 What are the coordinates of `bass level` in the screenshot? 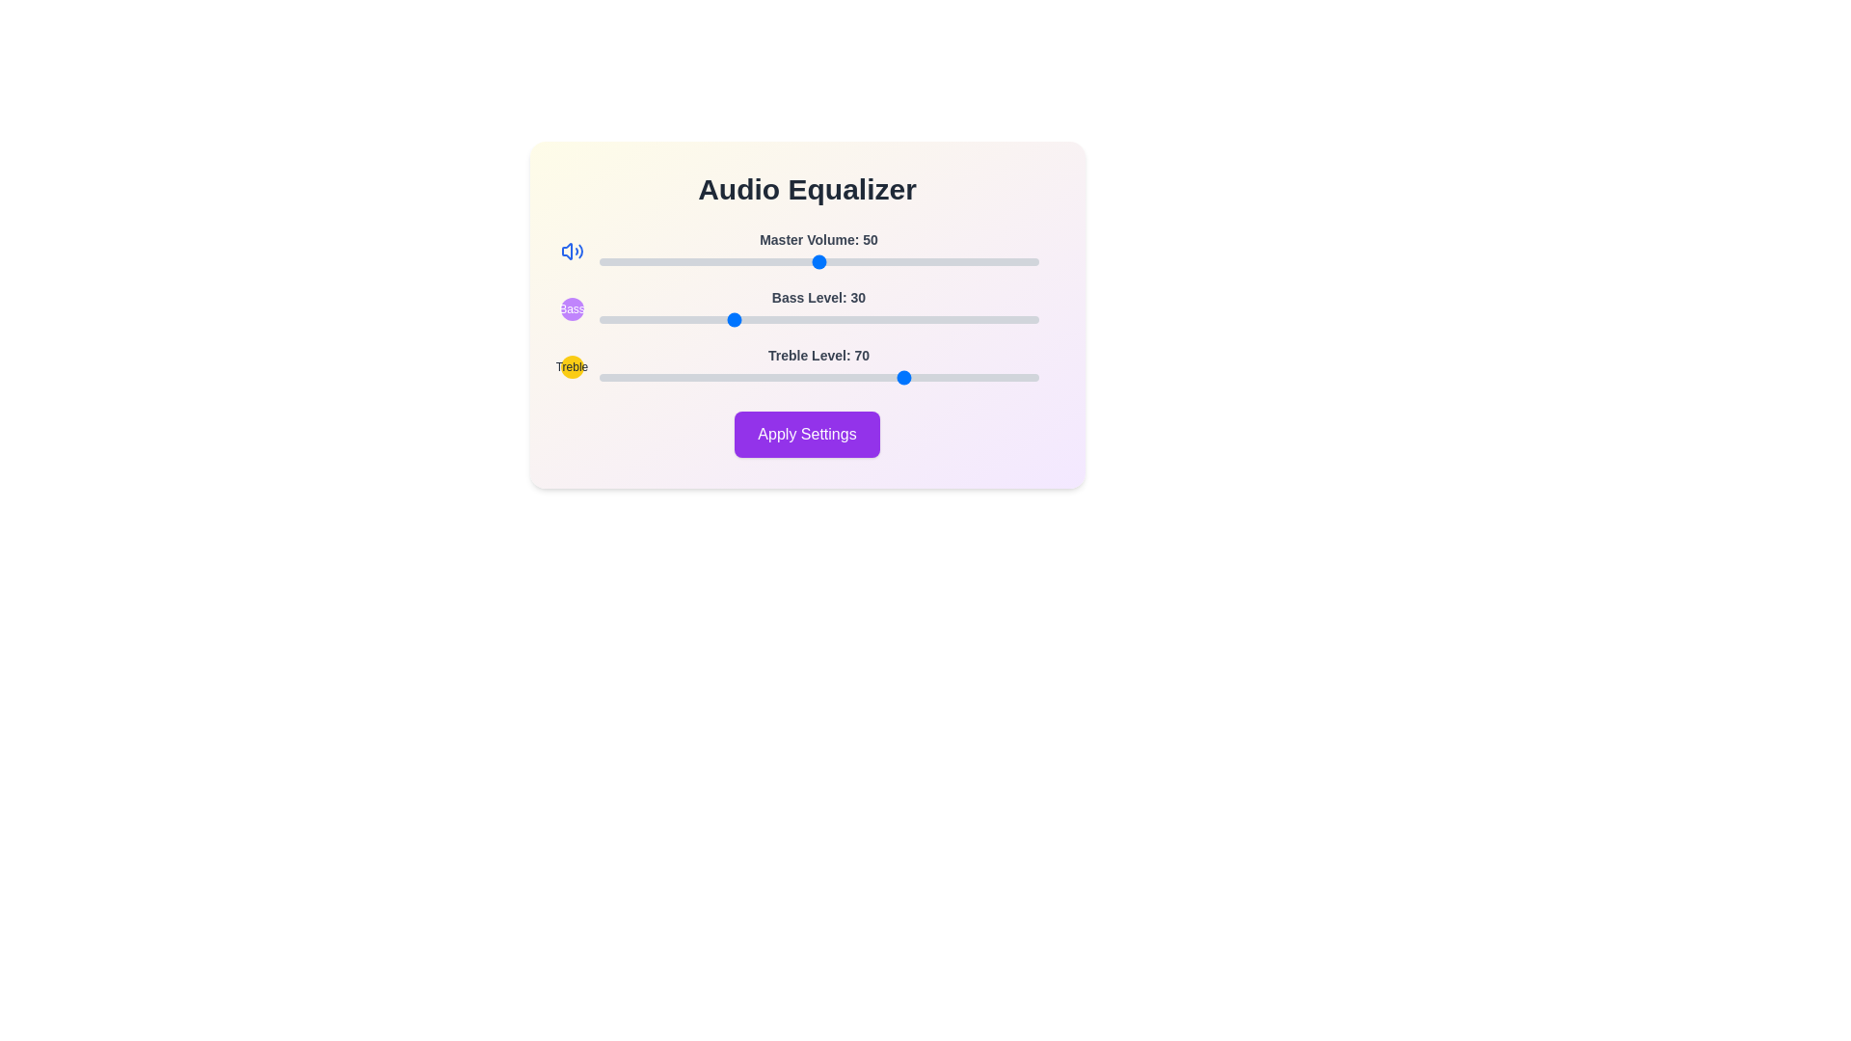 It's located at (633, 318).